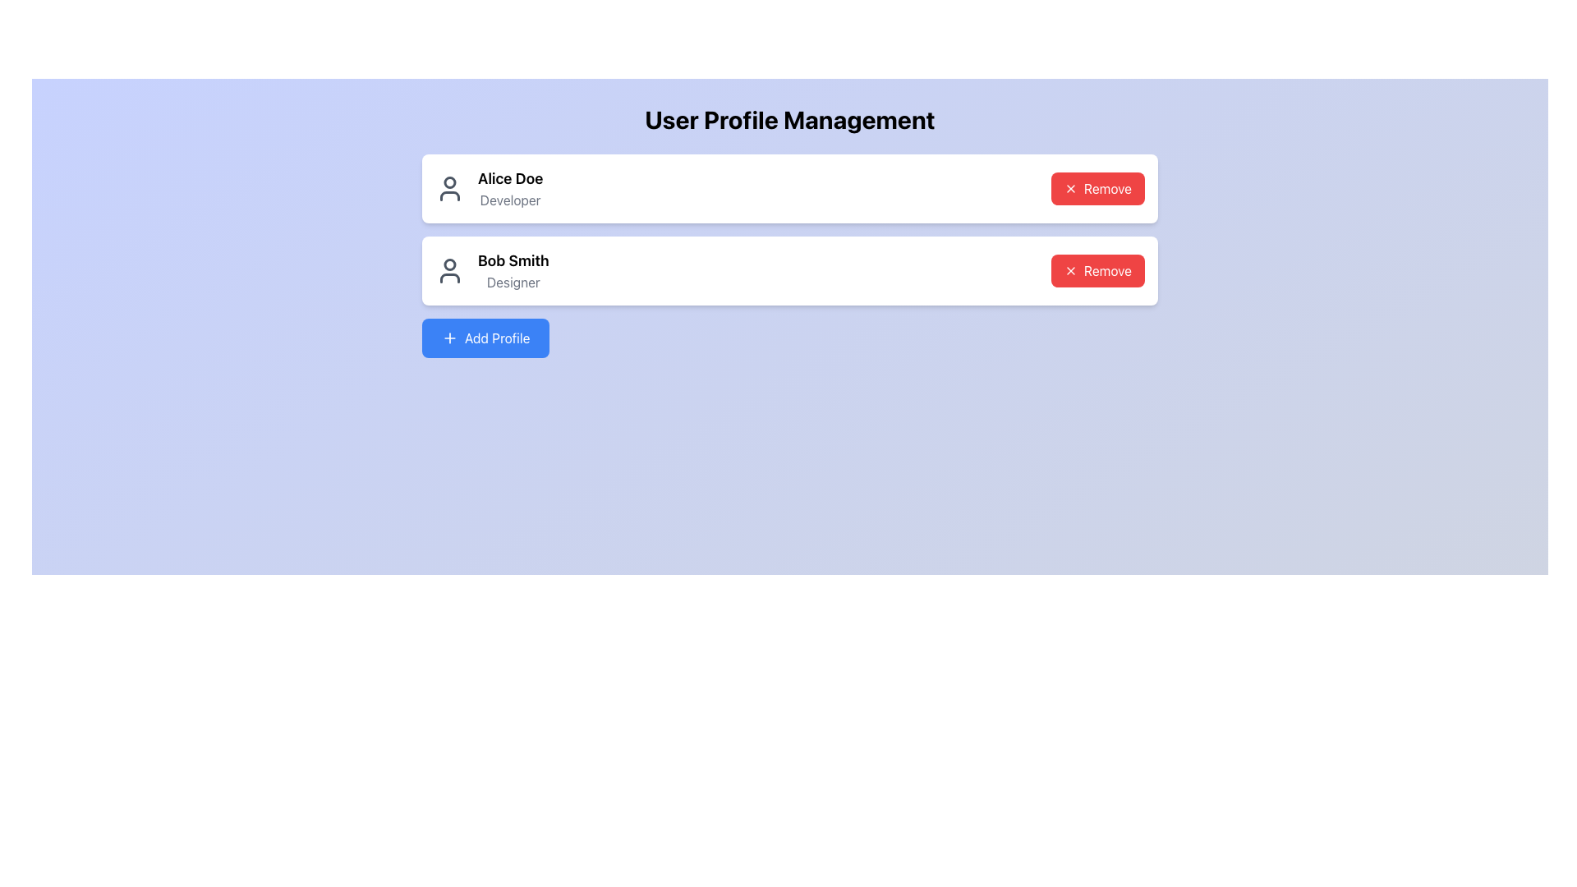 Image resolution: width=1577 pixels, height=887 pixels. I want to click on the 'Add Profile' text label on the blue button, so click(496, 338).